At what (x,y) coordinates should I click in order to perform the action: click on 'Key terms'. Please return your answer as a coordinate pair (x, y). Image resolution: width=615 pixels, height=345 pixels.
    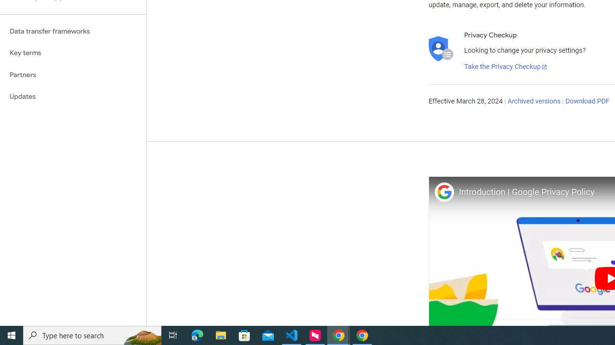
    Looking at the image, I should click on (73, 53).